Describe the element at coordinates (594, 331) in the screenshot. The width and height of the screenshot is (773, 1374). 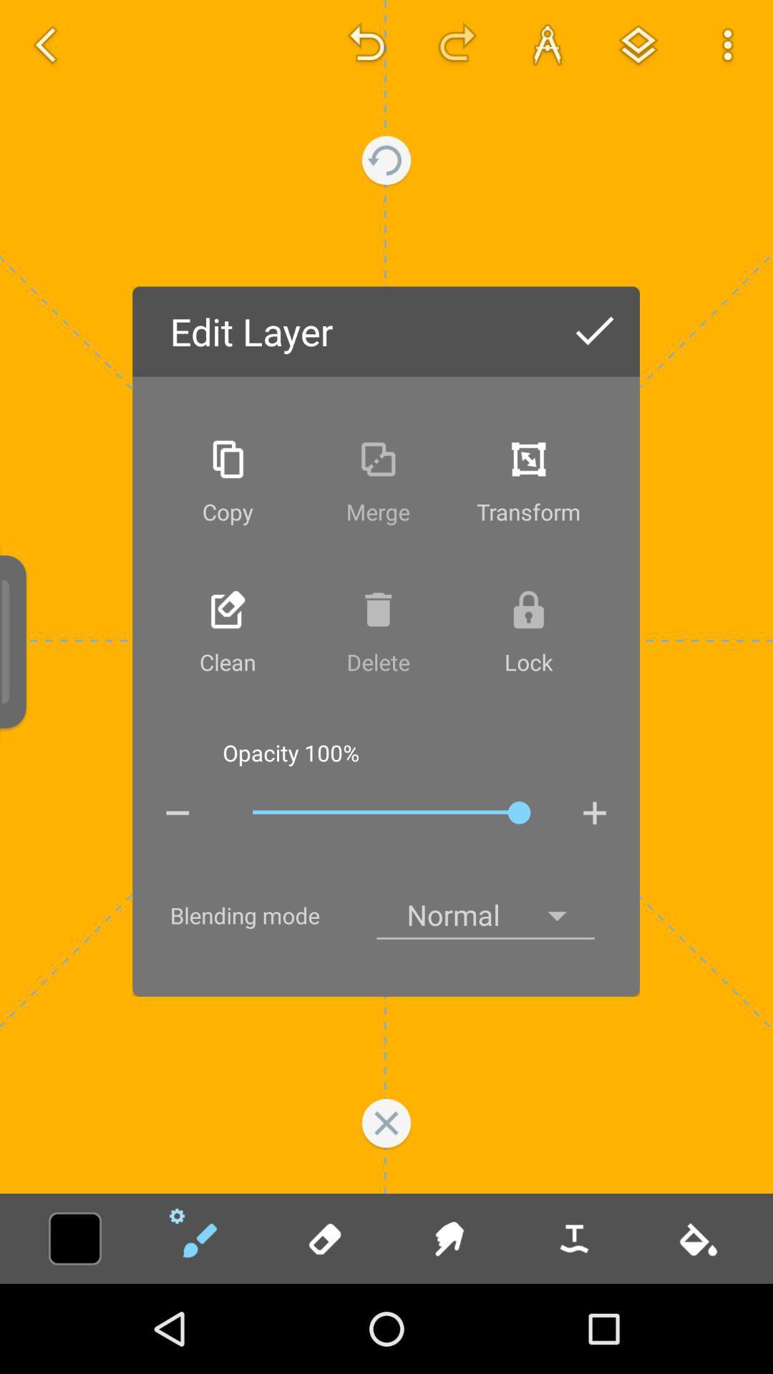
I see `right mark` at that location.